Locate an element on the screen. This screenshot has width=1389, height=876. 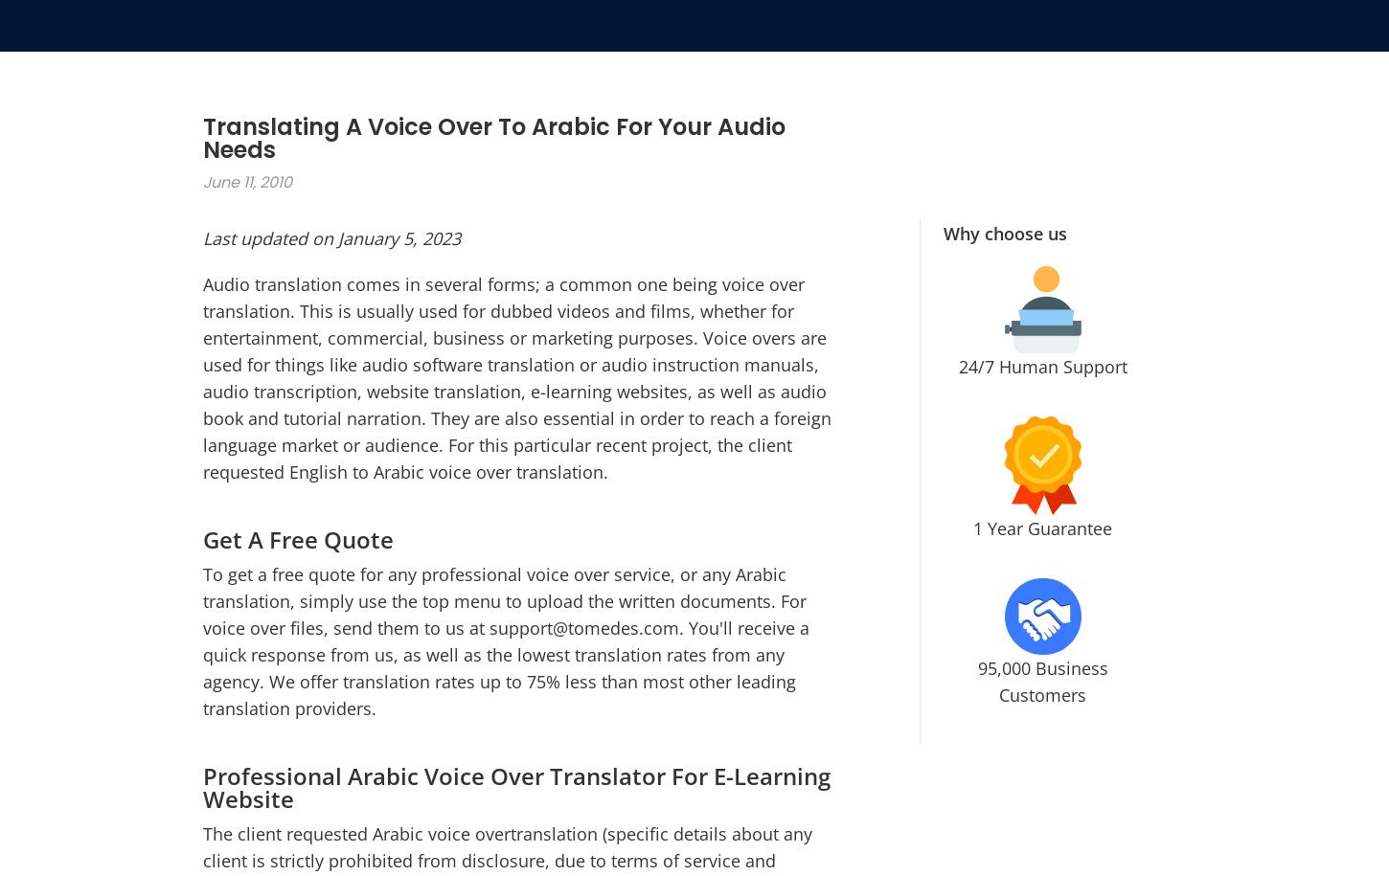
'Tomedes in Upcity' is located at coordinates (1123, 638).